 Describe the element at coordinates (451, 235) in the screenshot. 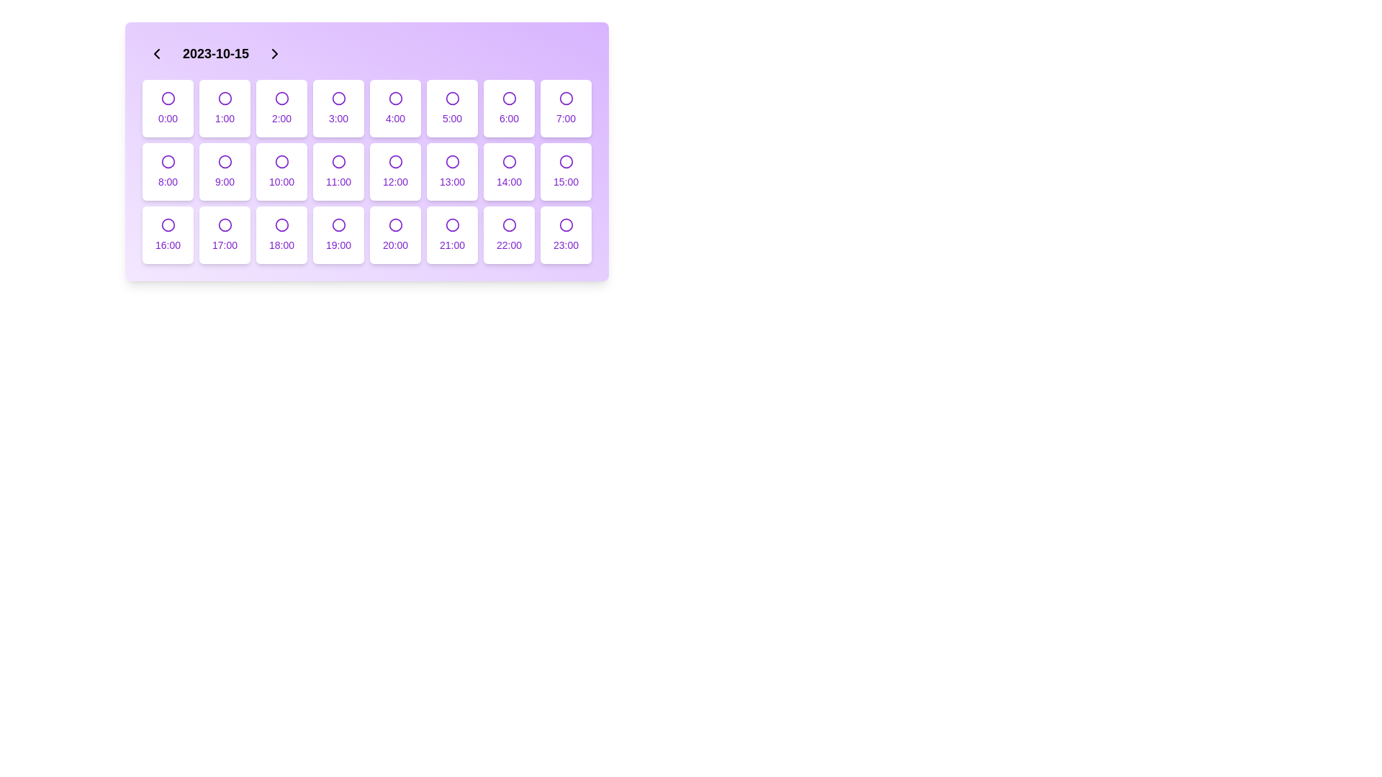

I see `the Selectable time slot card displaying the hour '21:00', which is styled with a white background and purple-themed contents, located in the sixth row and third column of the grid` at that location.